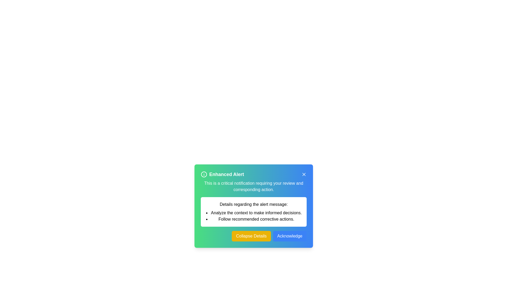 This screenshot has width=508, height=285. I want to click on the text block displaying the message 'This is a critical notification requiring your review and corresponding action.' by reading the message, so click(253, 186).